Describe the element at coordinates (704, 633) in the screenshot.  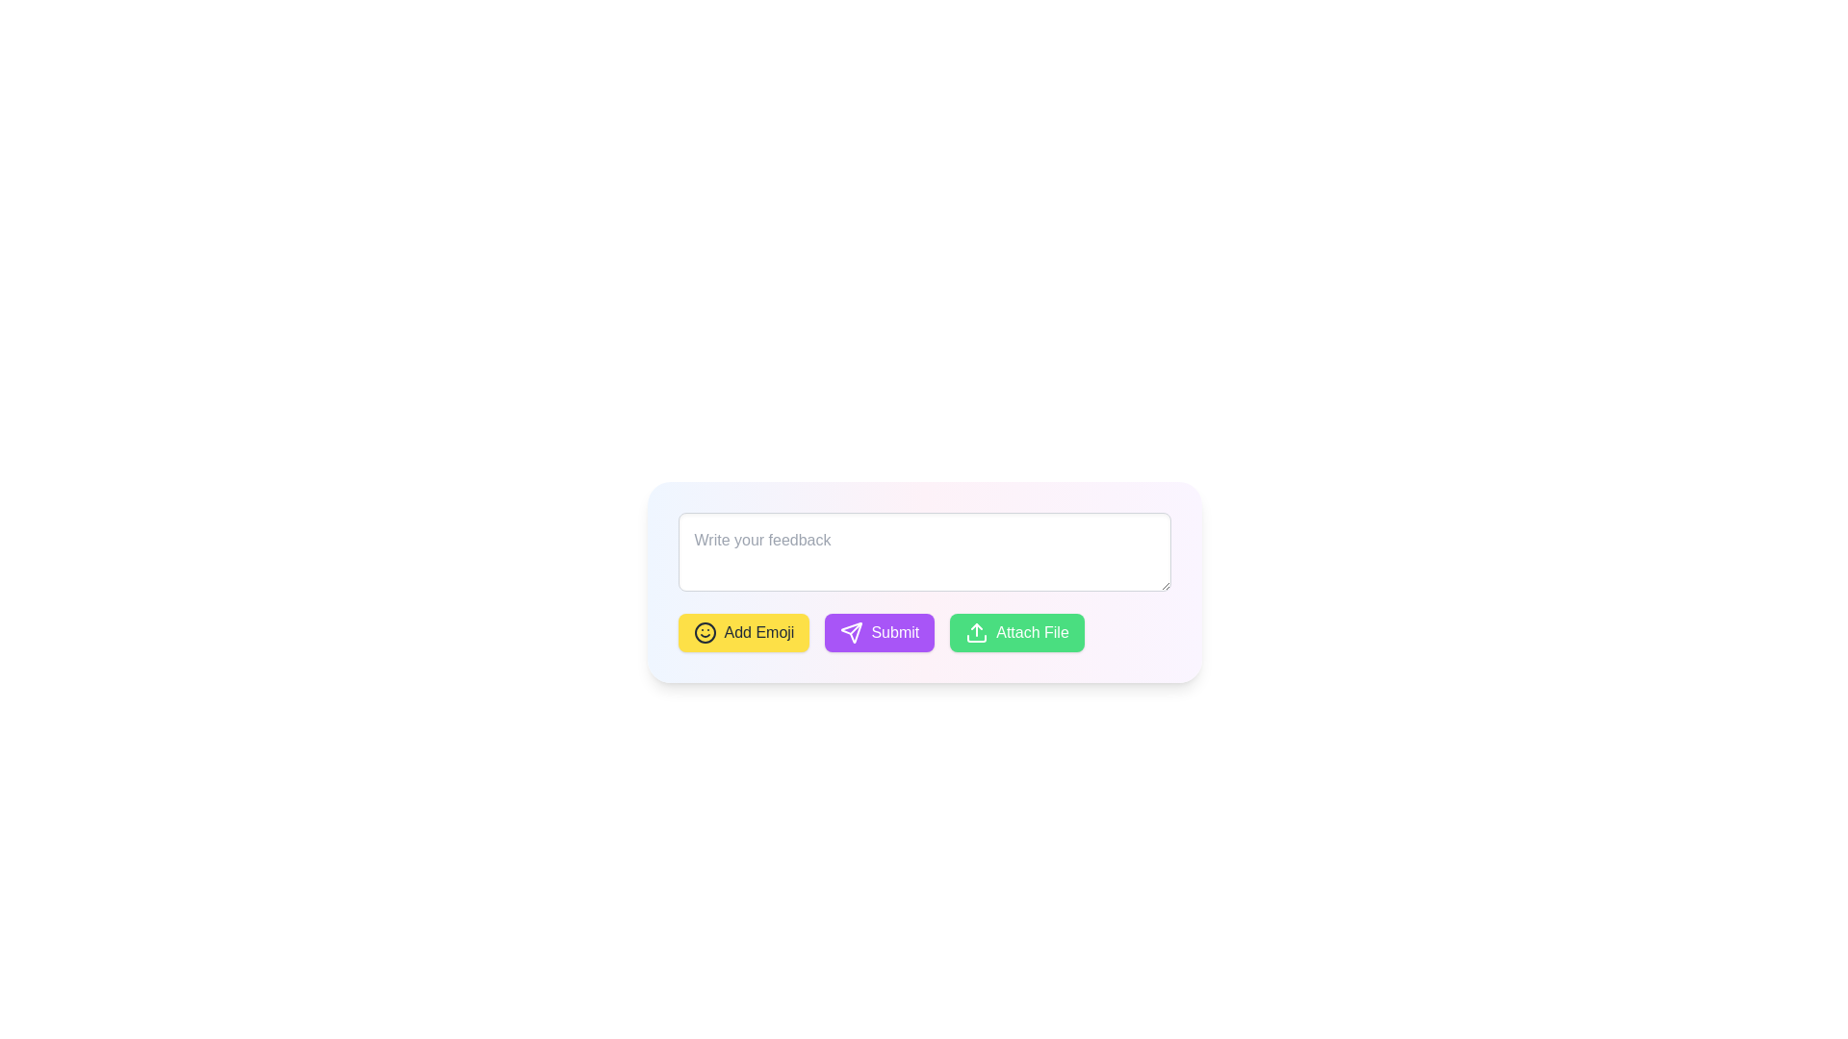
I see `the 'Add Emoji' button containing the circular smiley face icon located at the leftmost position of the button row` at that location.